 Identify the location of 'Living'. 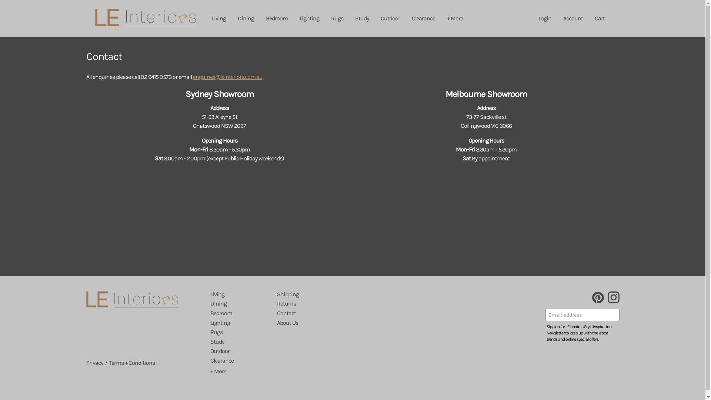
(206, 18).